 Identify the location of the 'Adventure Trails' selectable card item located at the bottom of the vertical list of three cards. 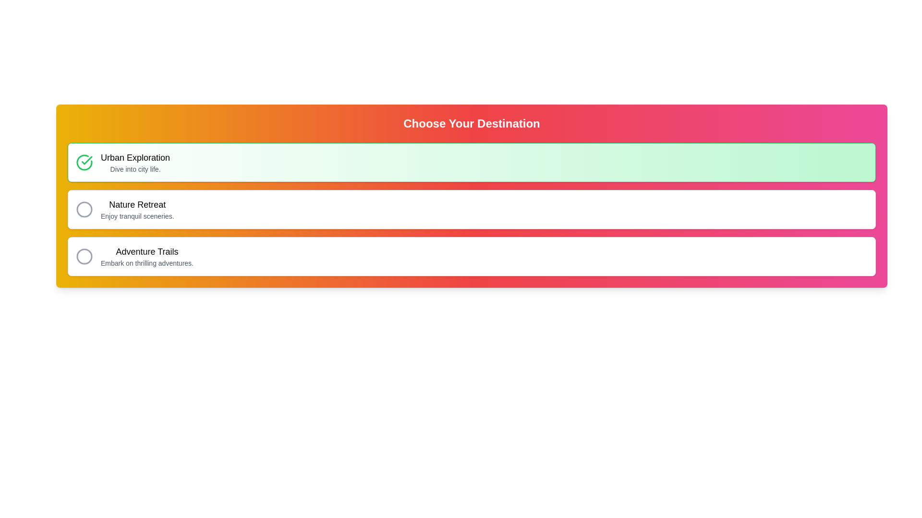
(472, 256).